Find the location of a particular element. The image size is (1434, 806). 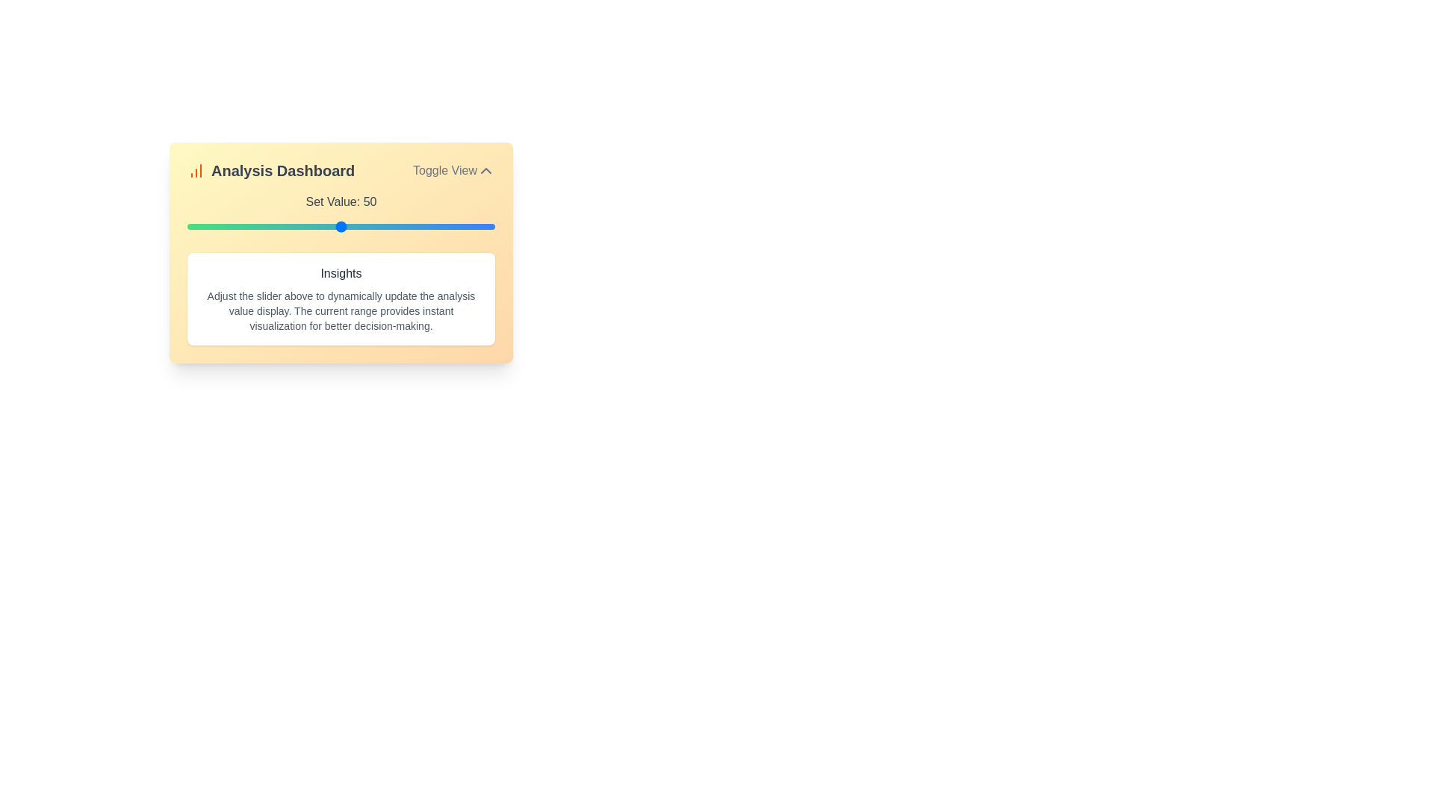

the slider to set the value to 25 is located at coordinates (264, 227).